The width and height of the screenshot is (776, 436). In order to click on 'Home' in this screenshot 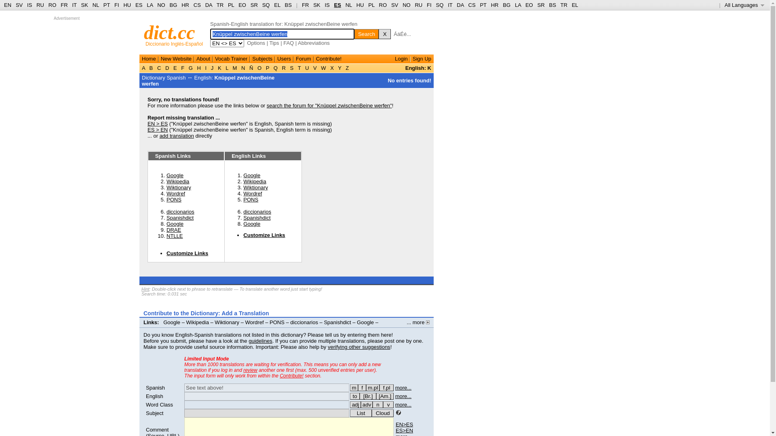, I will do `click(149, 58)`.